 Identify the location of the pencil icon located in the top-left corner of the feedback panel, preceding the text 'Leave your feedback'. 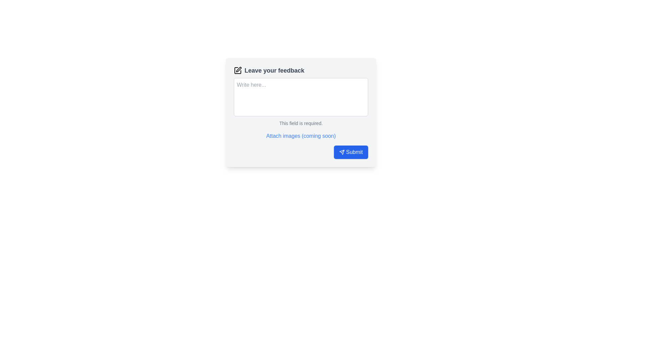
(238, 70).